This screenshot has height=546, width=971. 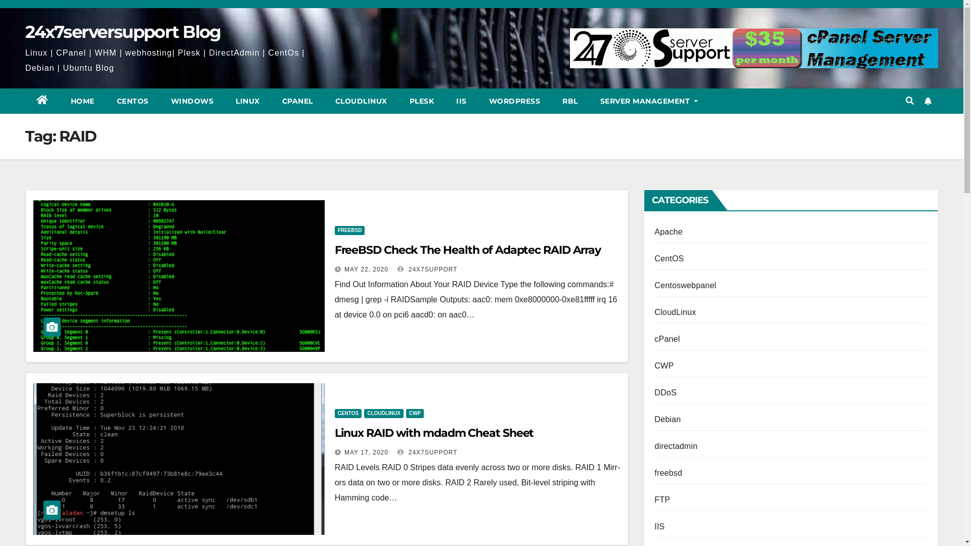 I want to click on 'CPANEL', so click(x=297, y=101).